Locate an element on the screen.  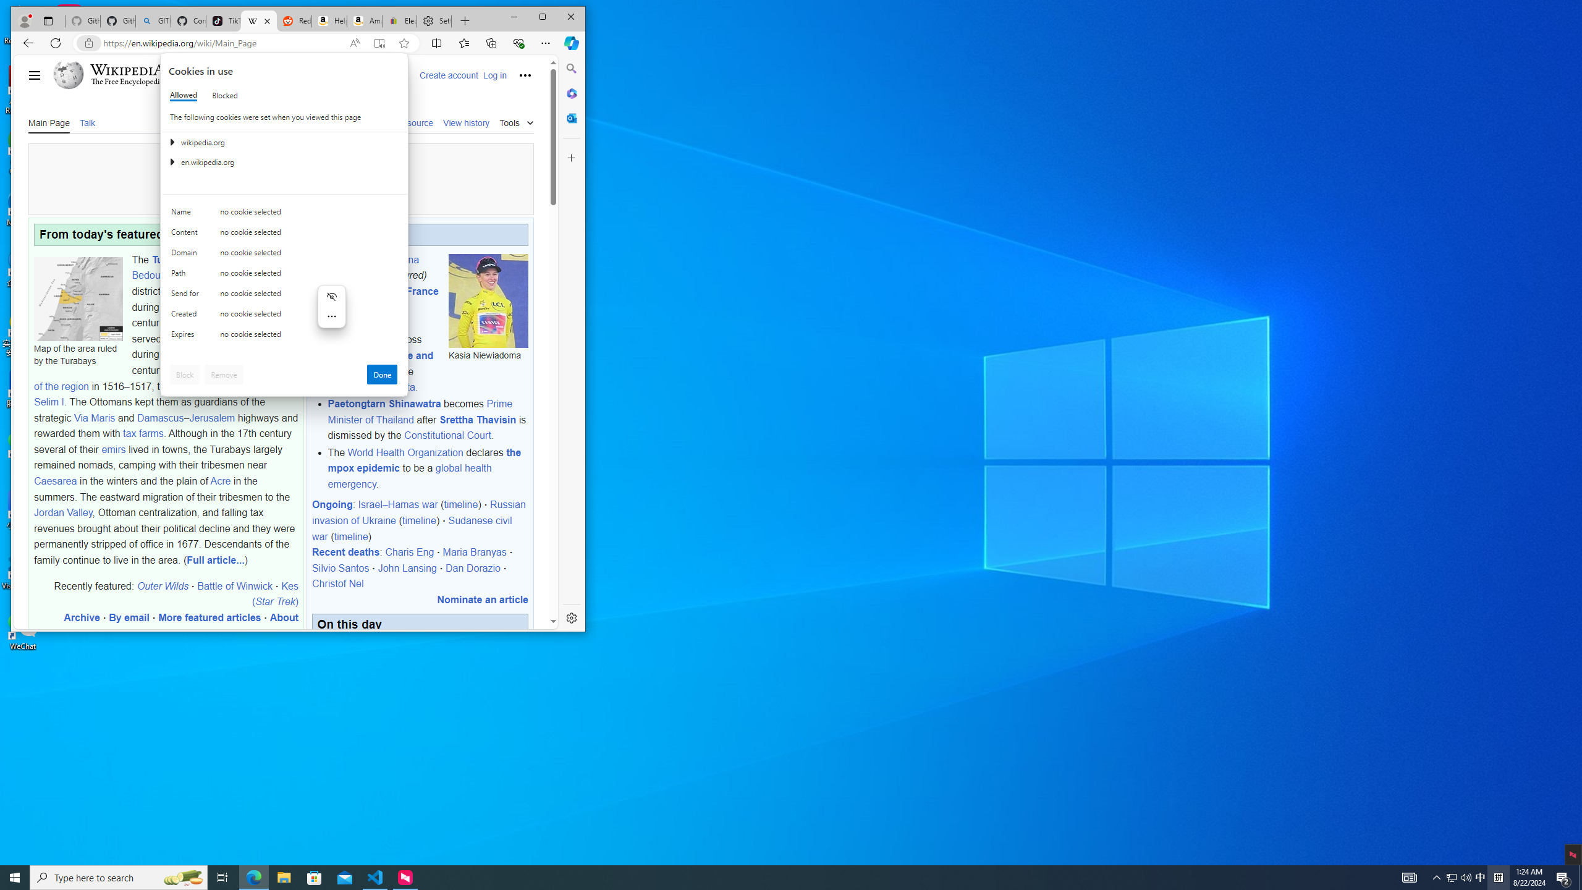
'File Explorer' is located at coordinates (283, 876).